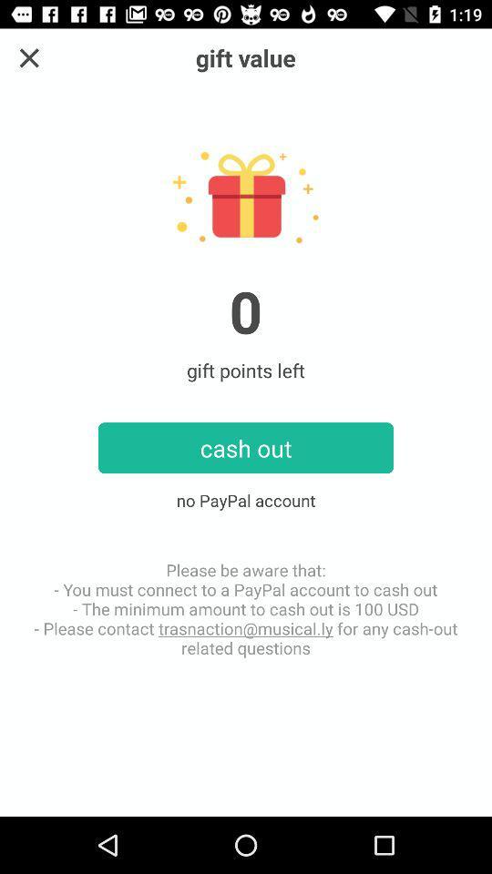 This screenshot has width=492, height=874. What do you see at coordinates (28, 57) in the screenshot?
I see `icon at the top left corner` at bounding box center [28, 57].